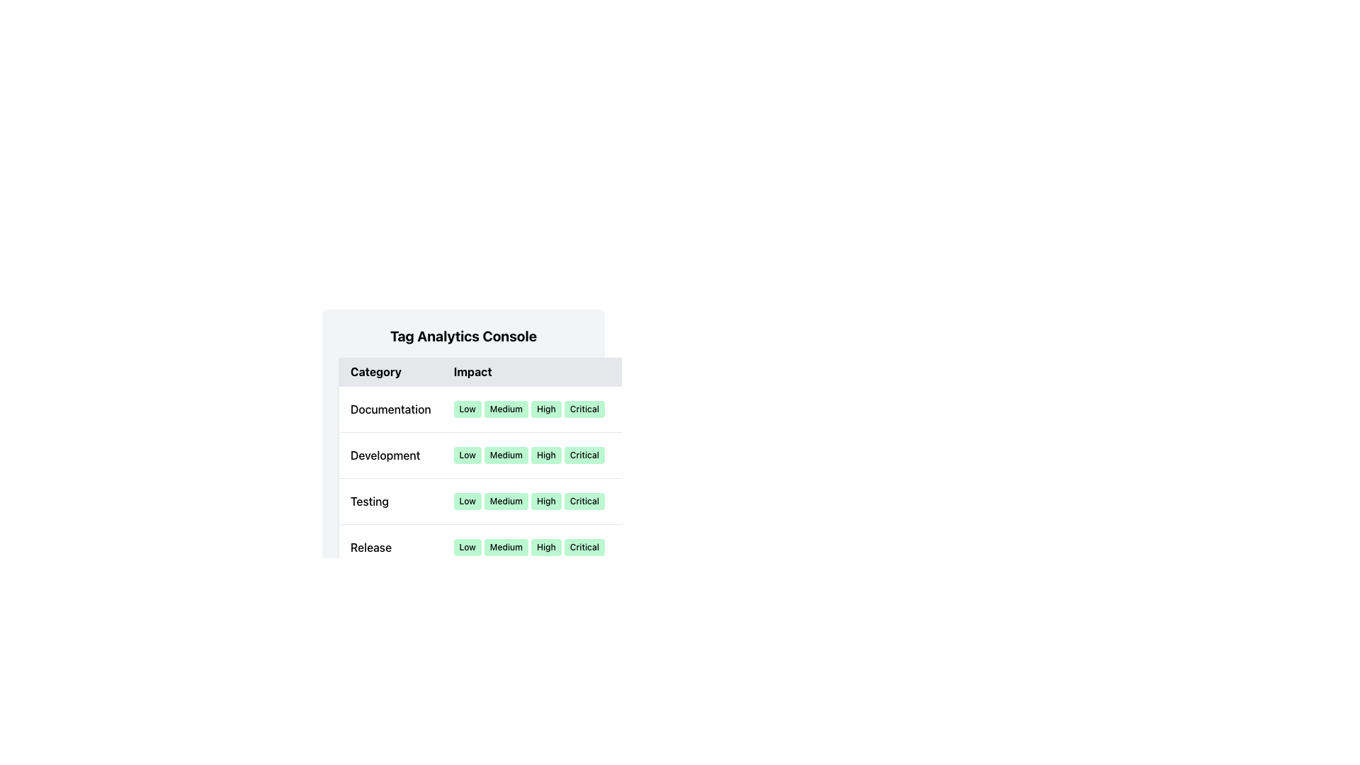 This screenshot has width=1360, height=765. I want to click on the 'Medium' button from the group of four selectable buttons with green backgrounds and black text located under the 'Development' category in the 'Impact' column, so click(528, 455).